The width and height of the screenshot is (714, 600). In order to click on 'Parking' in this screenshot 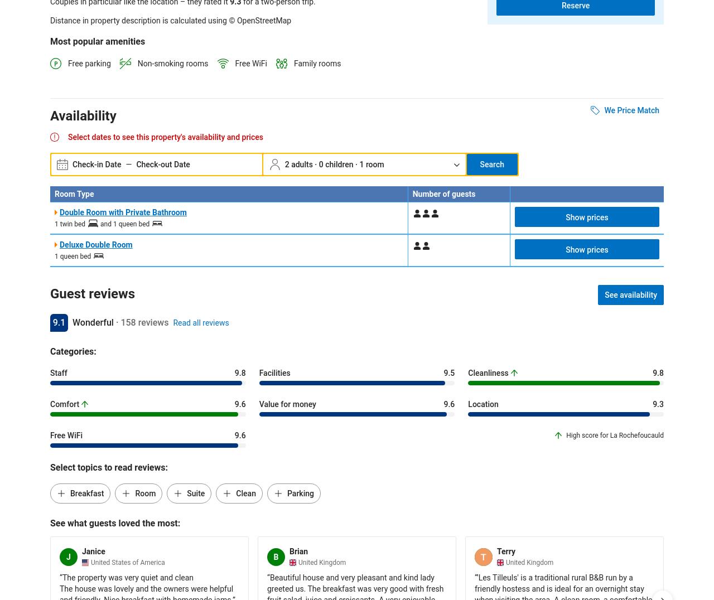, I will do `click(287, 493)`.